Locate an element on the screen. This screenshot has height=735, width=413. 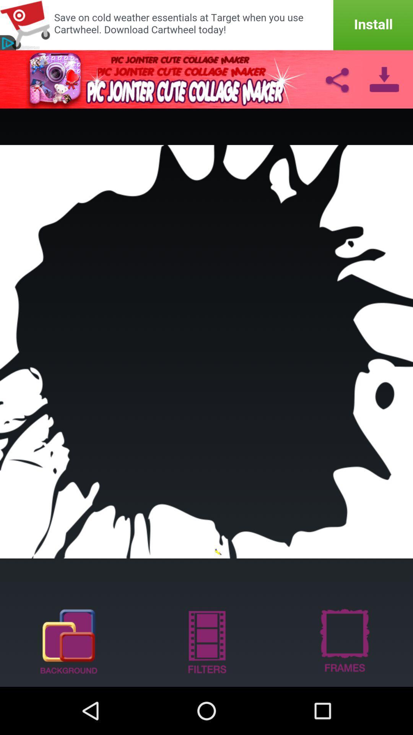
the share icon is located at coordinates (337, 85).